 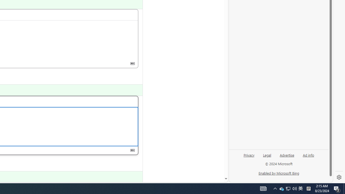 What do you see at coordinates (287, 155) in the screenshot?
I see `'Advertise'` at bounding box center [287, 155].